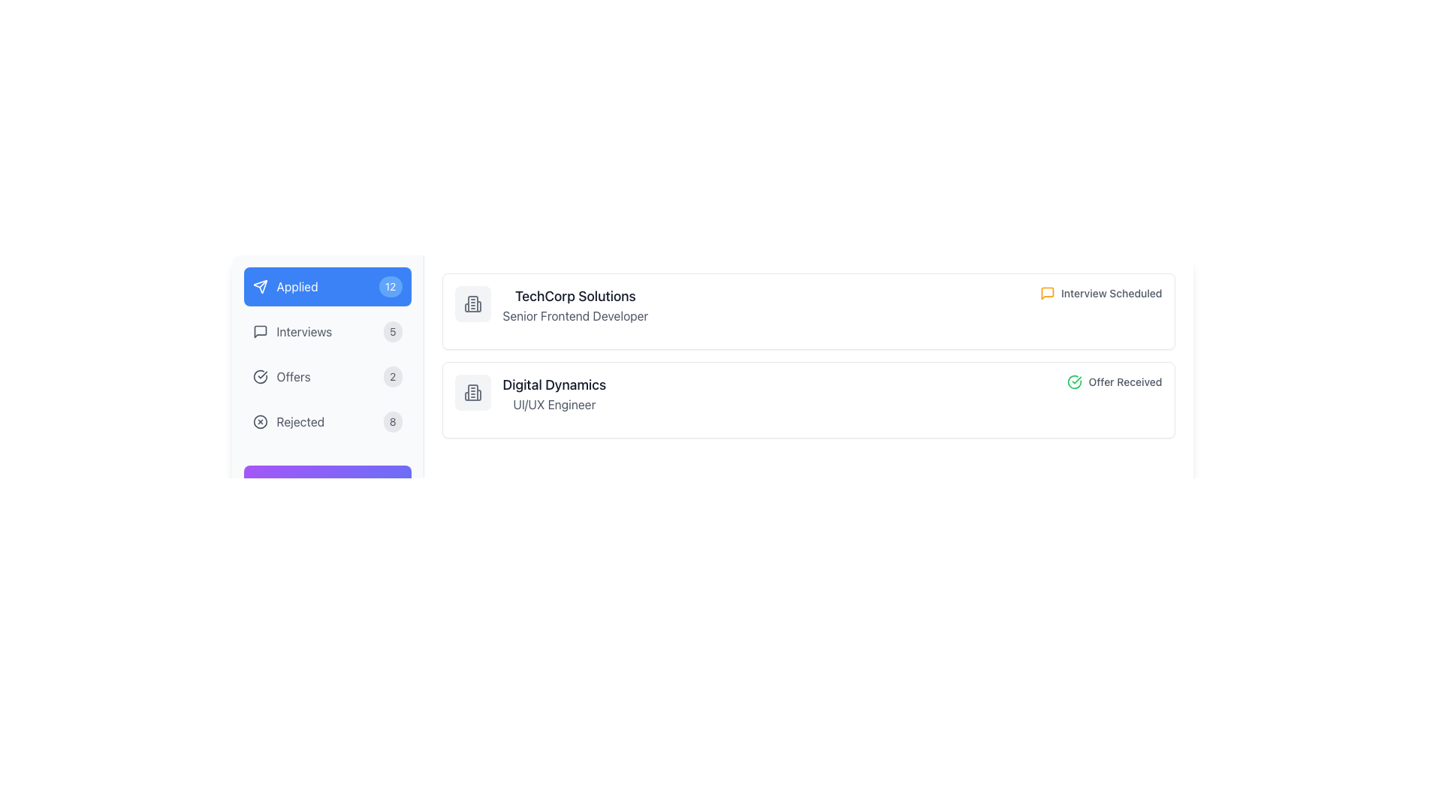 This screenshot has height=811, width=1442. I want to click on the 'Offer Received' label, which is styled in medium gray and positioned to the right of a green circular checkmark icon, so click(1125, 381).